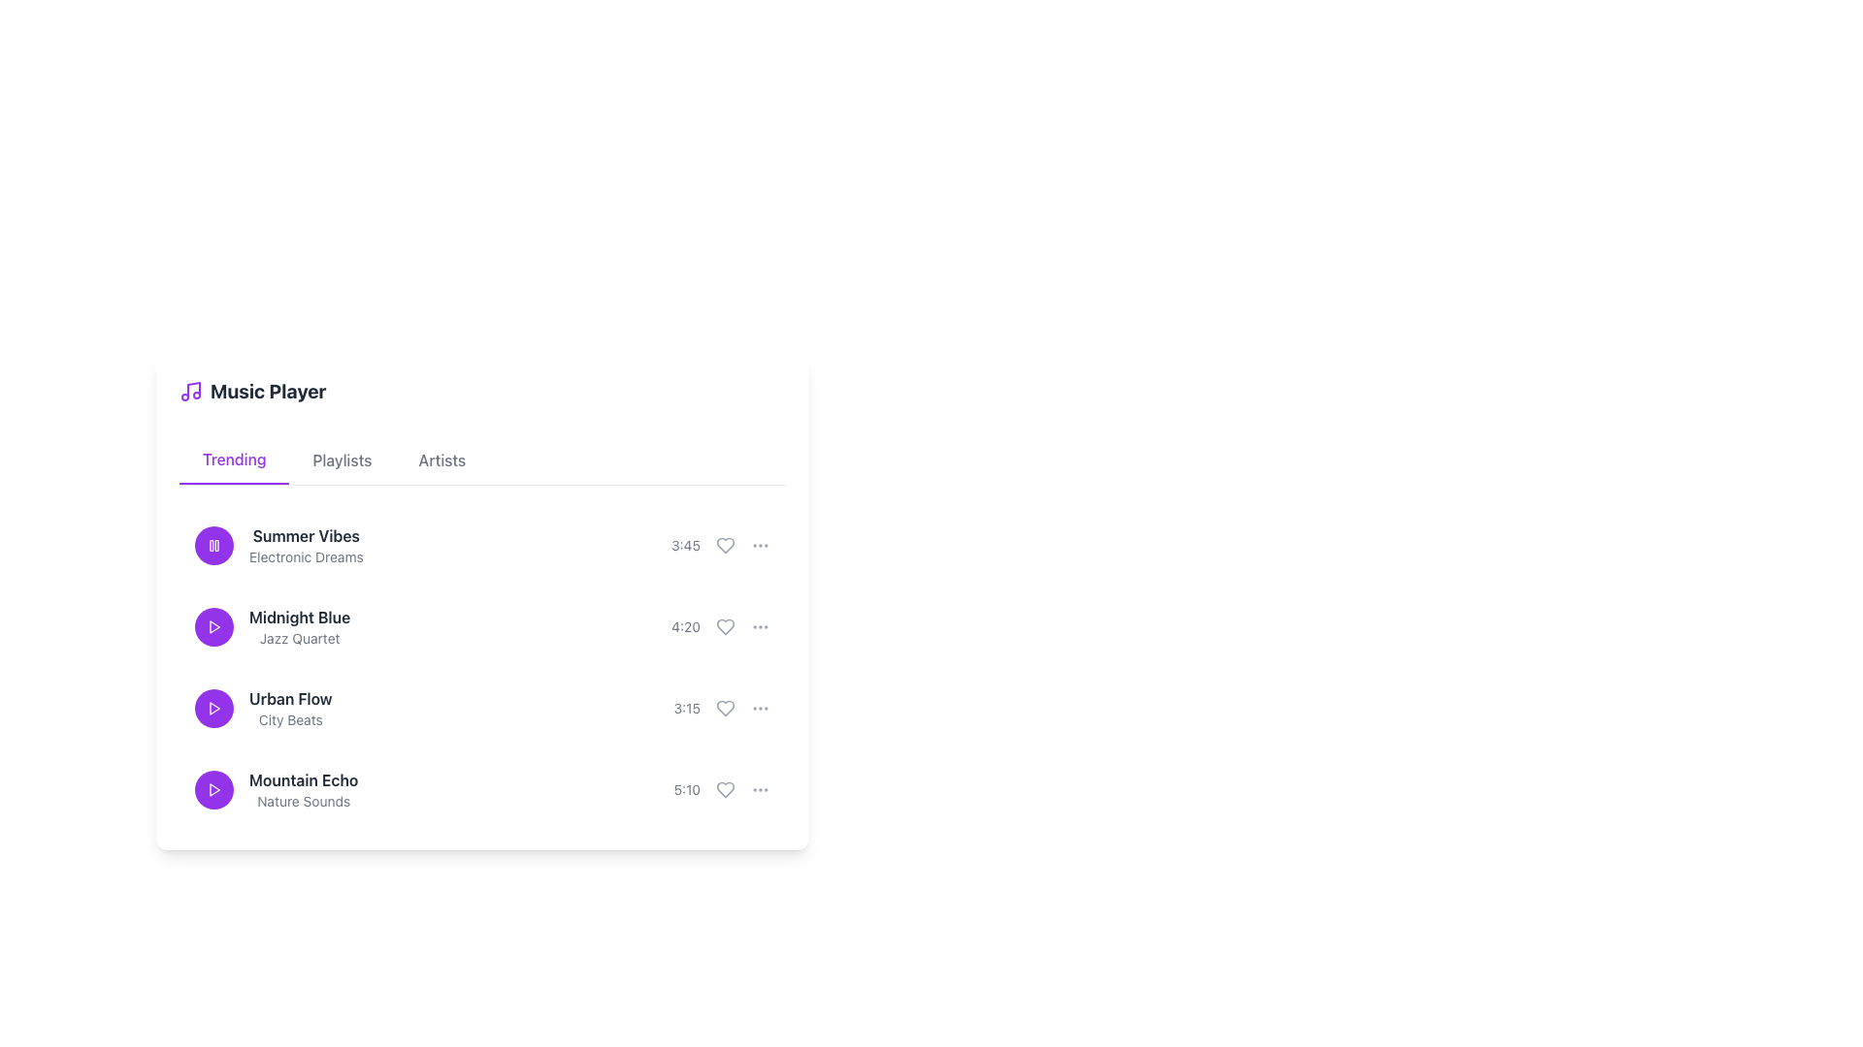 The image size is (1863, 1047). What do you see at coordinates (299, 617) in the screenshot?
I see `the text label displaying 'Midnight Blue', which is the title of the second entry in the music player interface` at bounding box center [299, 617].